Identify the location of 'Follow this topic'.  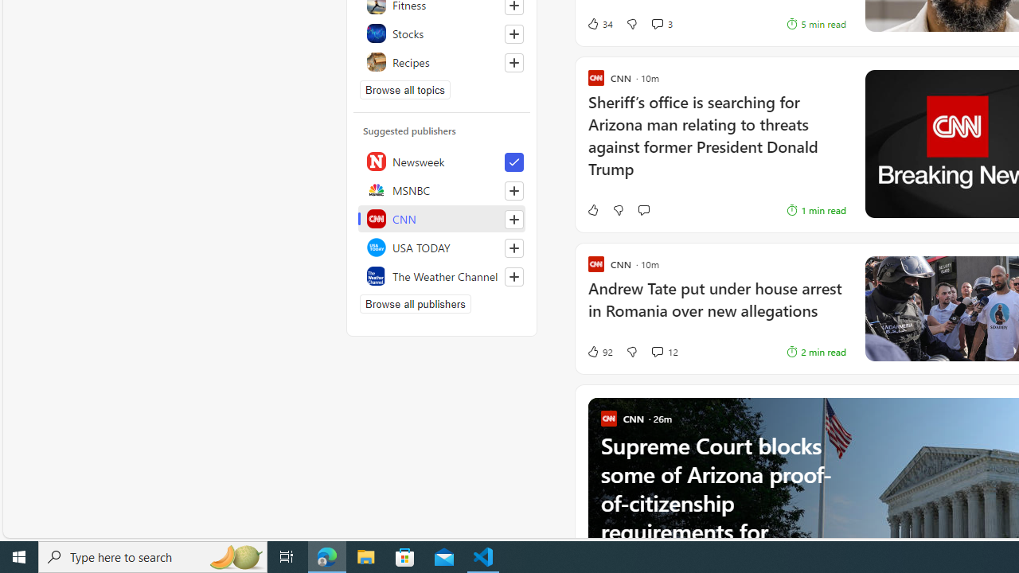
(513, 61).